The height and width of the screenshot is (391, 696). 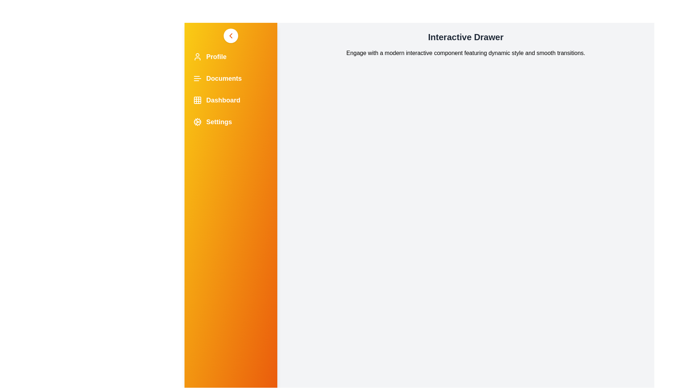 What do you see at coordinates (231, 121) in the screenshot?
I see `the menu item Settings in the drawer` at bounding box center [231, 121].